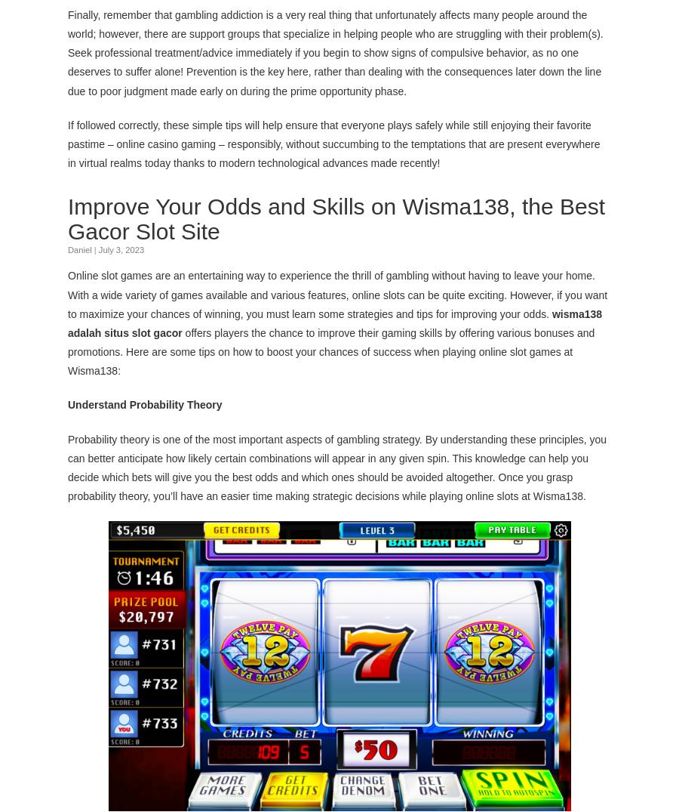  I want to click on 'July 3, 2023', so click(121, 249).